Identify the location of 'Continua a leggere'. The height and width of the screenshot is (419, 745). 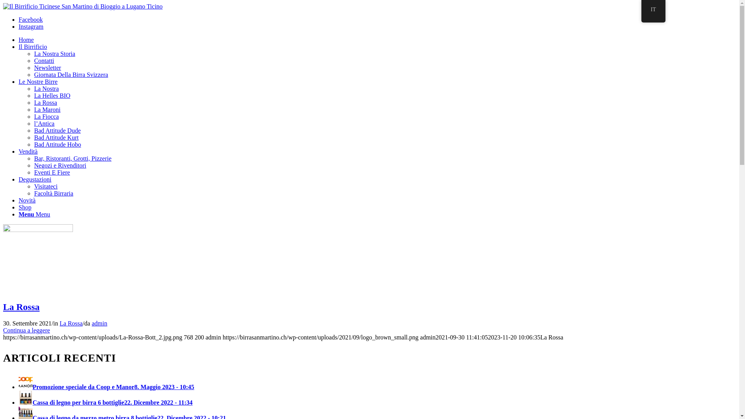
(26, 330).